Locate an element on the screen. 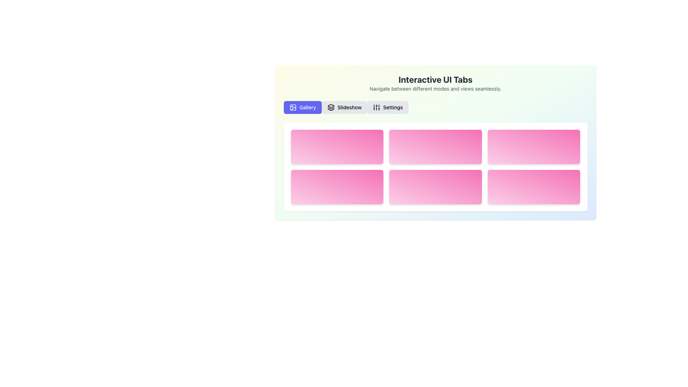 The width and height of the screenshot is (688, 387). the 'Slideshow' button, which is a rectangular button with a light gray background and labeled with the text 'Slideshow' and a layers icon on the left side is located at coordinates (344, 107).